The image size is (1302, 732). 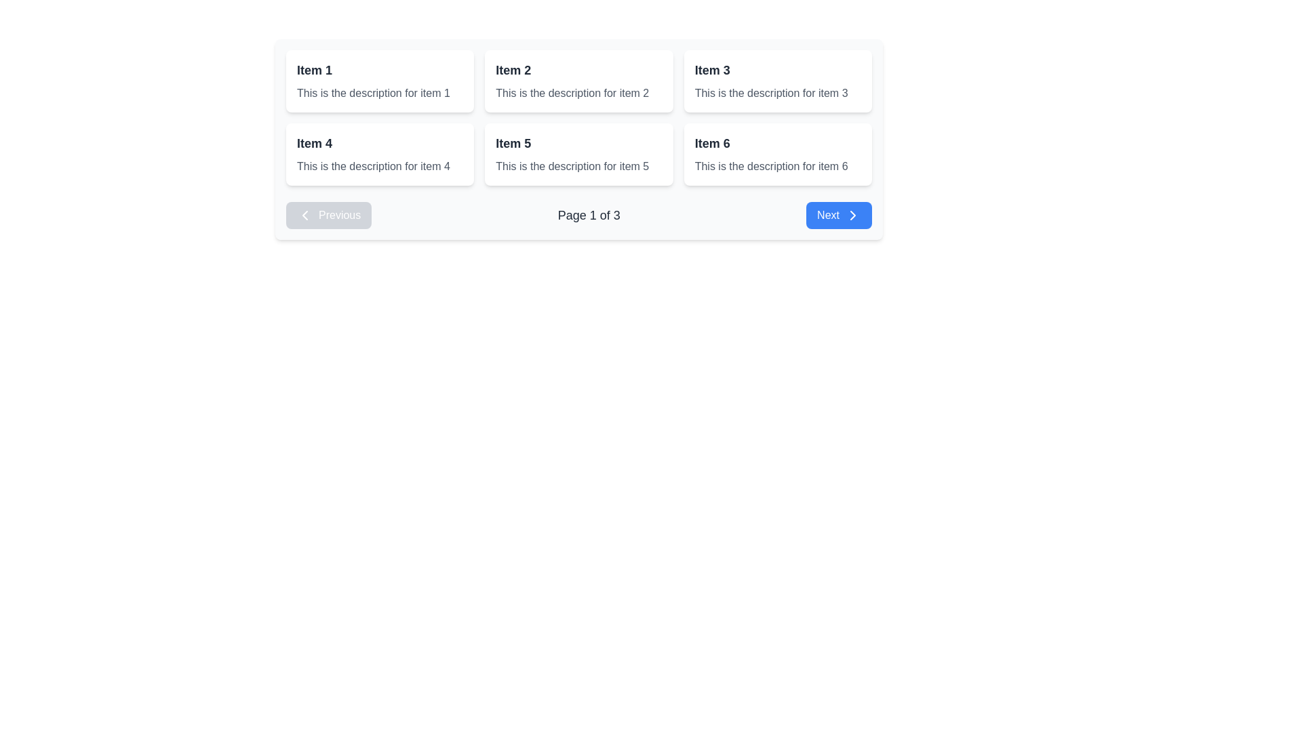 I want to click on the text line displaying 'This is the description for item 2' in gray font, located below the title 'Item 2' in the second card of the grid layout, so click(x=572, y=93).